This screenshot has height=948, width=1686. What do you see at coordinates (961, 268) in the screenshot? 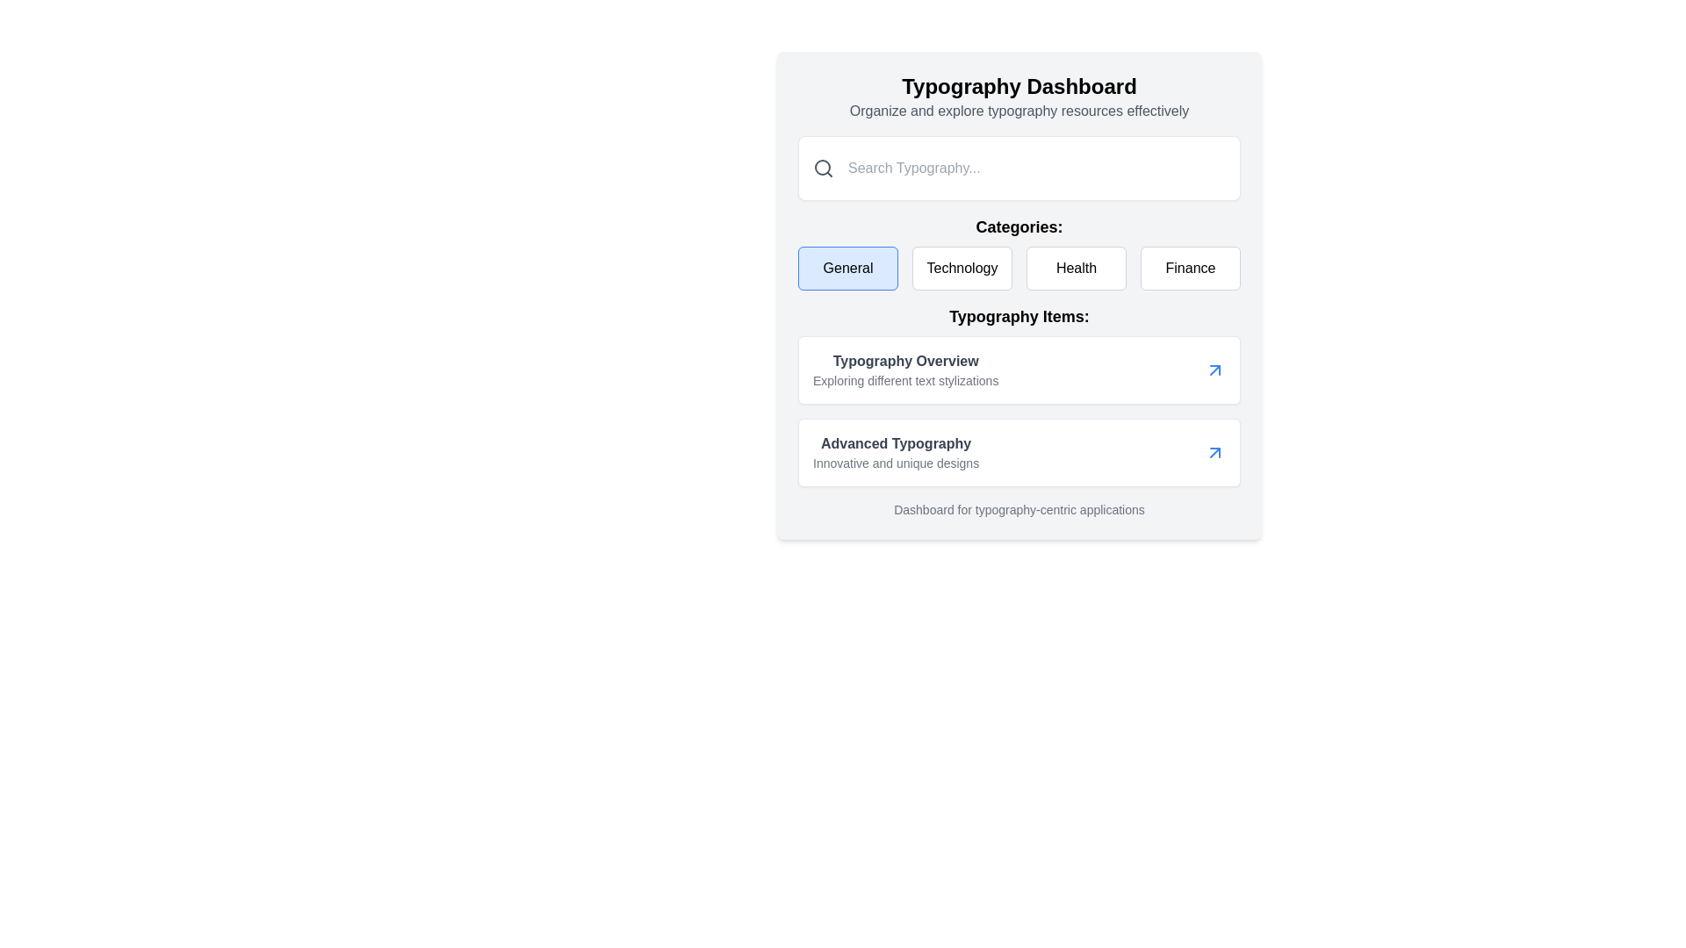
I see `the 'Technology' category button, which is the second button in a row of four category buttons located beneath the 'Categories:' heading` at bounding box center [961, 268].